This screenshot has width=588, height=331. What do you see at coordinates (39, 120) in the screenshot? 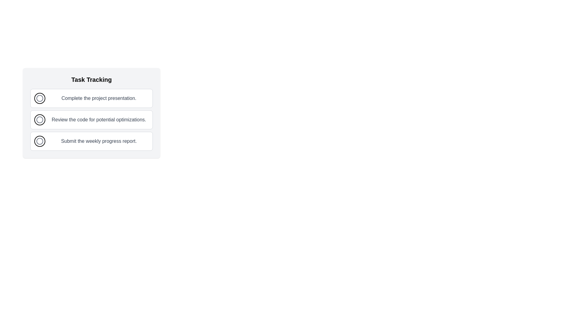
I see `the radio button located to the left of the text 'Review the code for potential optimizations.'` at bounding box center [39, 120].